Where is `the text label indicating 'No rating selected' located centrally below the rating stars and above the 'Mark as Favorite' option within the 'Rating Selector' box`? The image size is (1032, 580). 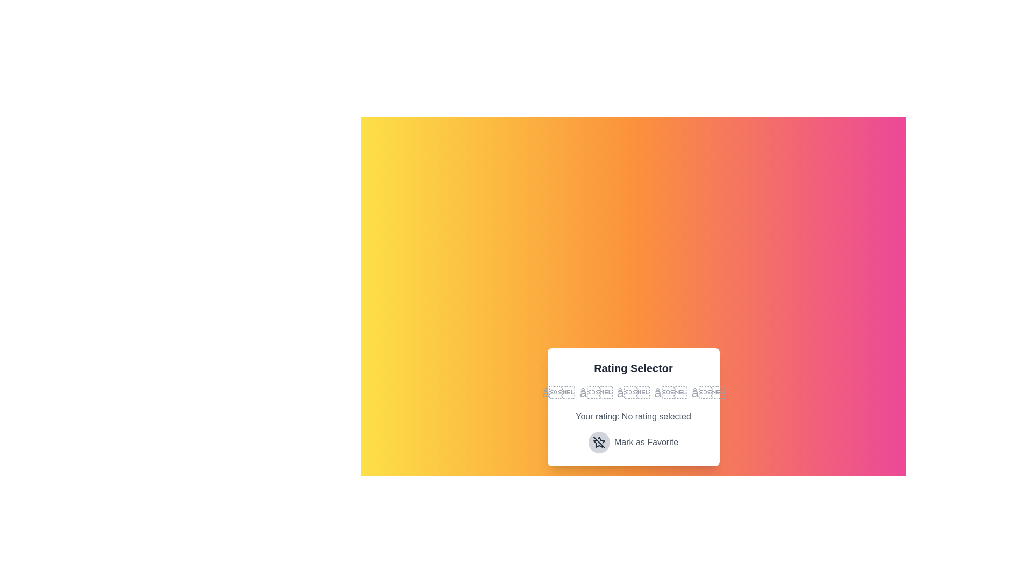
the text label indicating 'No rating selected' located centrally below the rating stars and above the 'Mark as Favorite' option within the 'Rating Selector' box is located at coordinates (633, 416).